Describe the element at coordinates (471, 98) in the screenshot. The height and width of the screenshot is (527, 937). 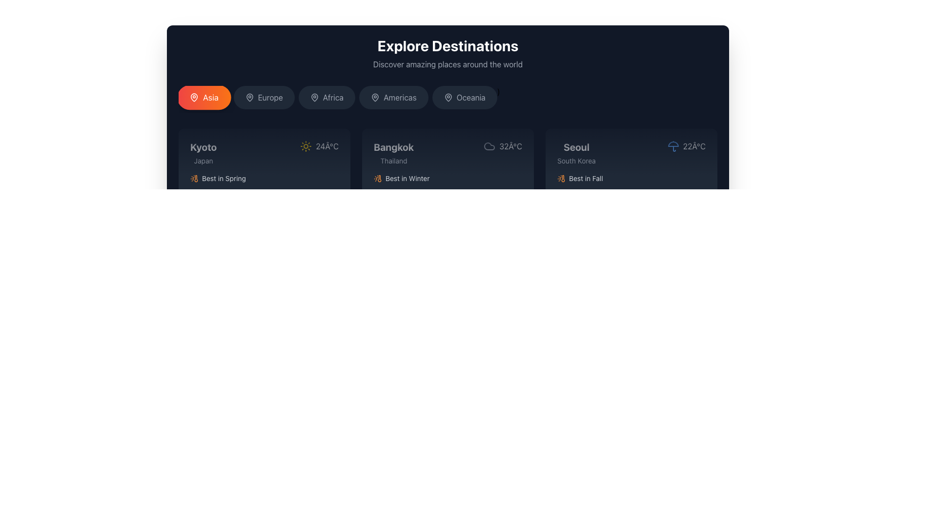
I see `the 'Oceania' button, which is the fifth button in the continent-selection group located beneath the 'Explore Destinations' heading` at that location.